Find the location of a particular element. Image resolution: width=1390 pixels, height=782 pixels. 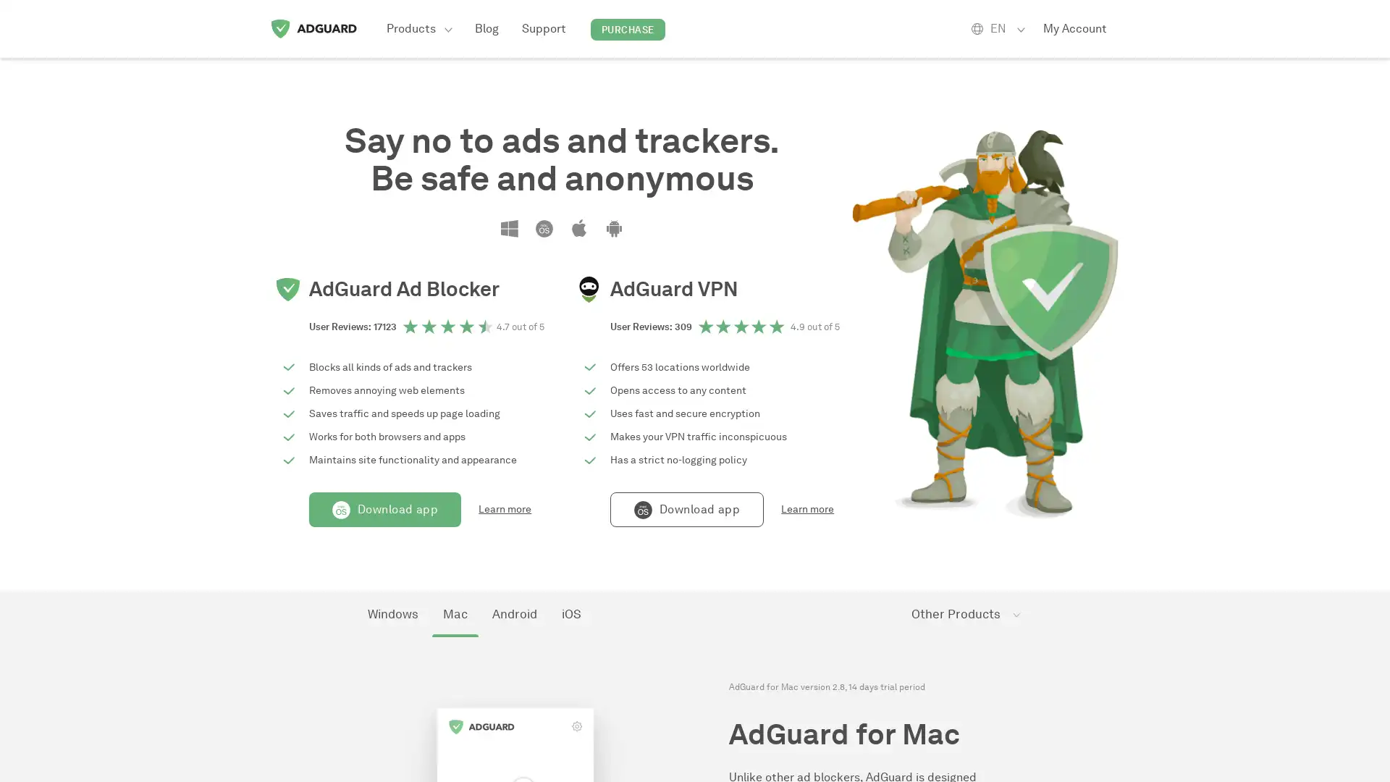

Download app is located at coordinates (385, 509).